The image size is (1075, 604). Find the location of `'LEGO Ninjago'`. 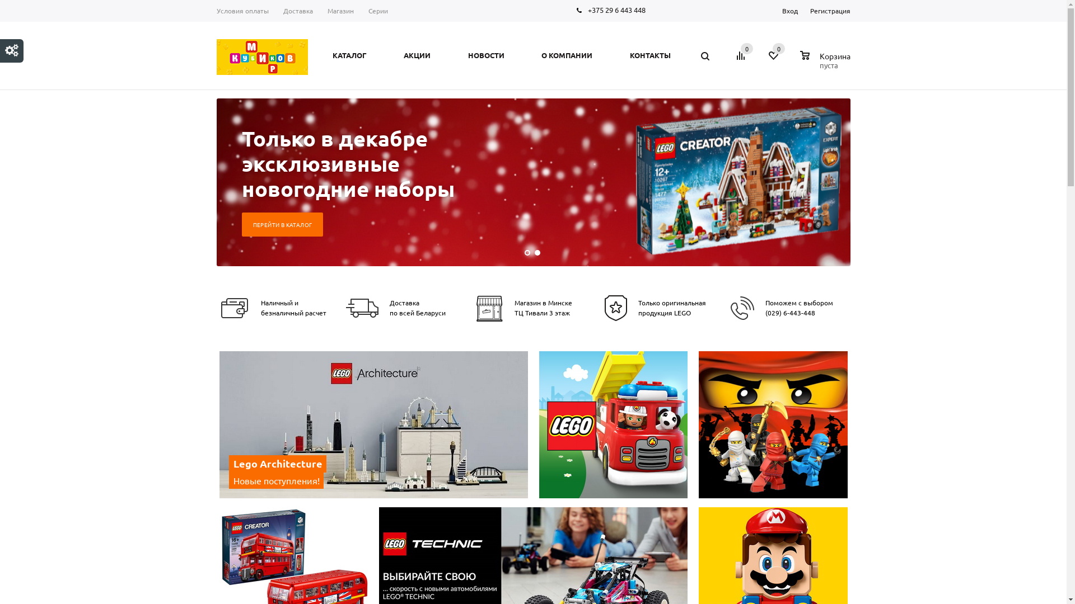

'LEGO Ninjago' is located at coordinates (773, 424).